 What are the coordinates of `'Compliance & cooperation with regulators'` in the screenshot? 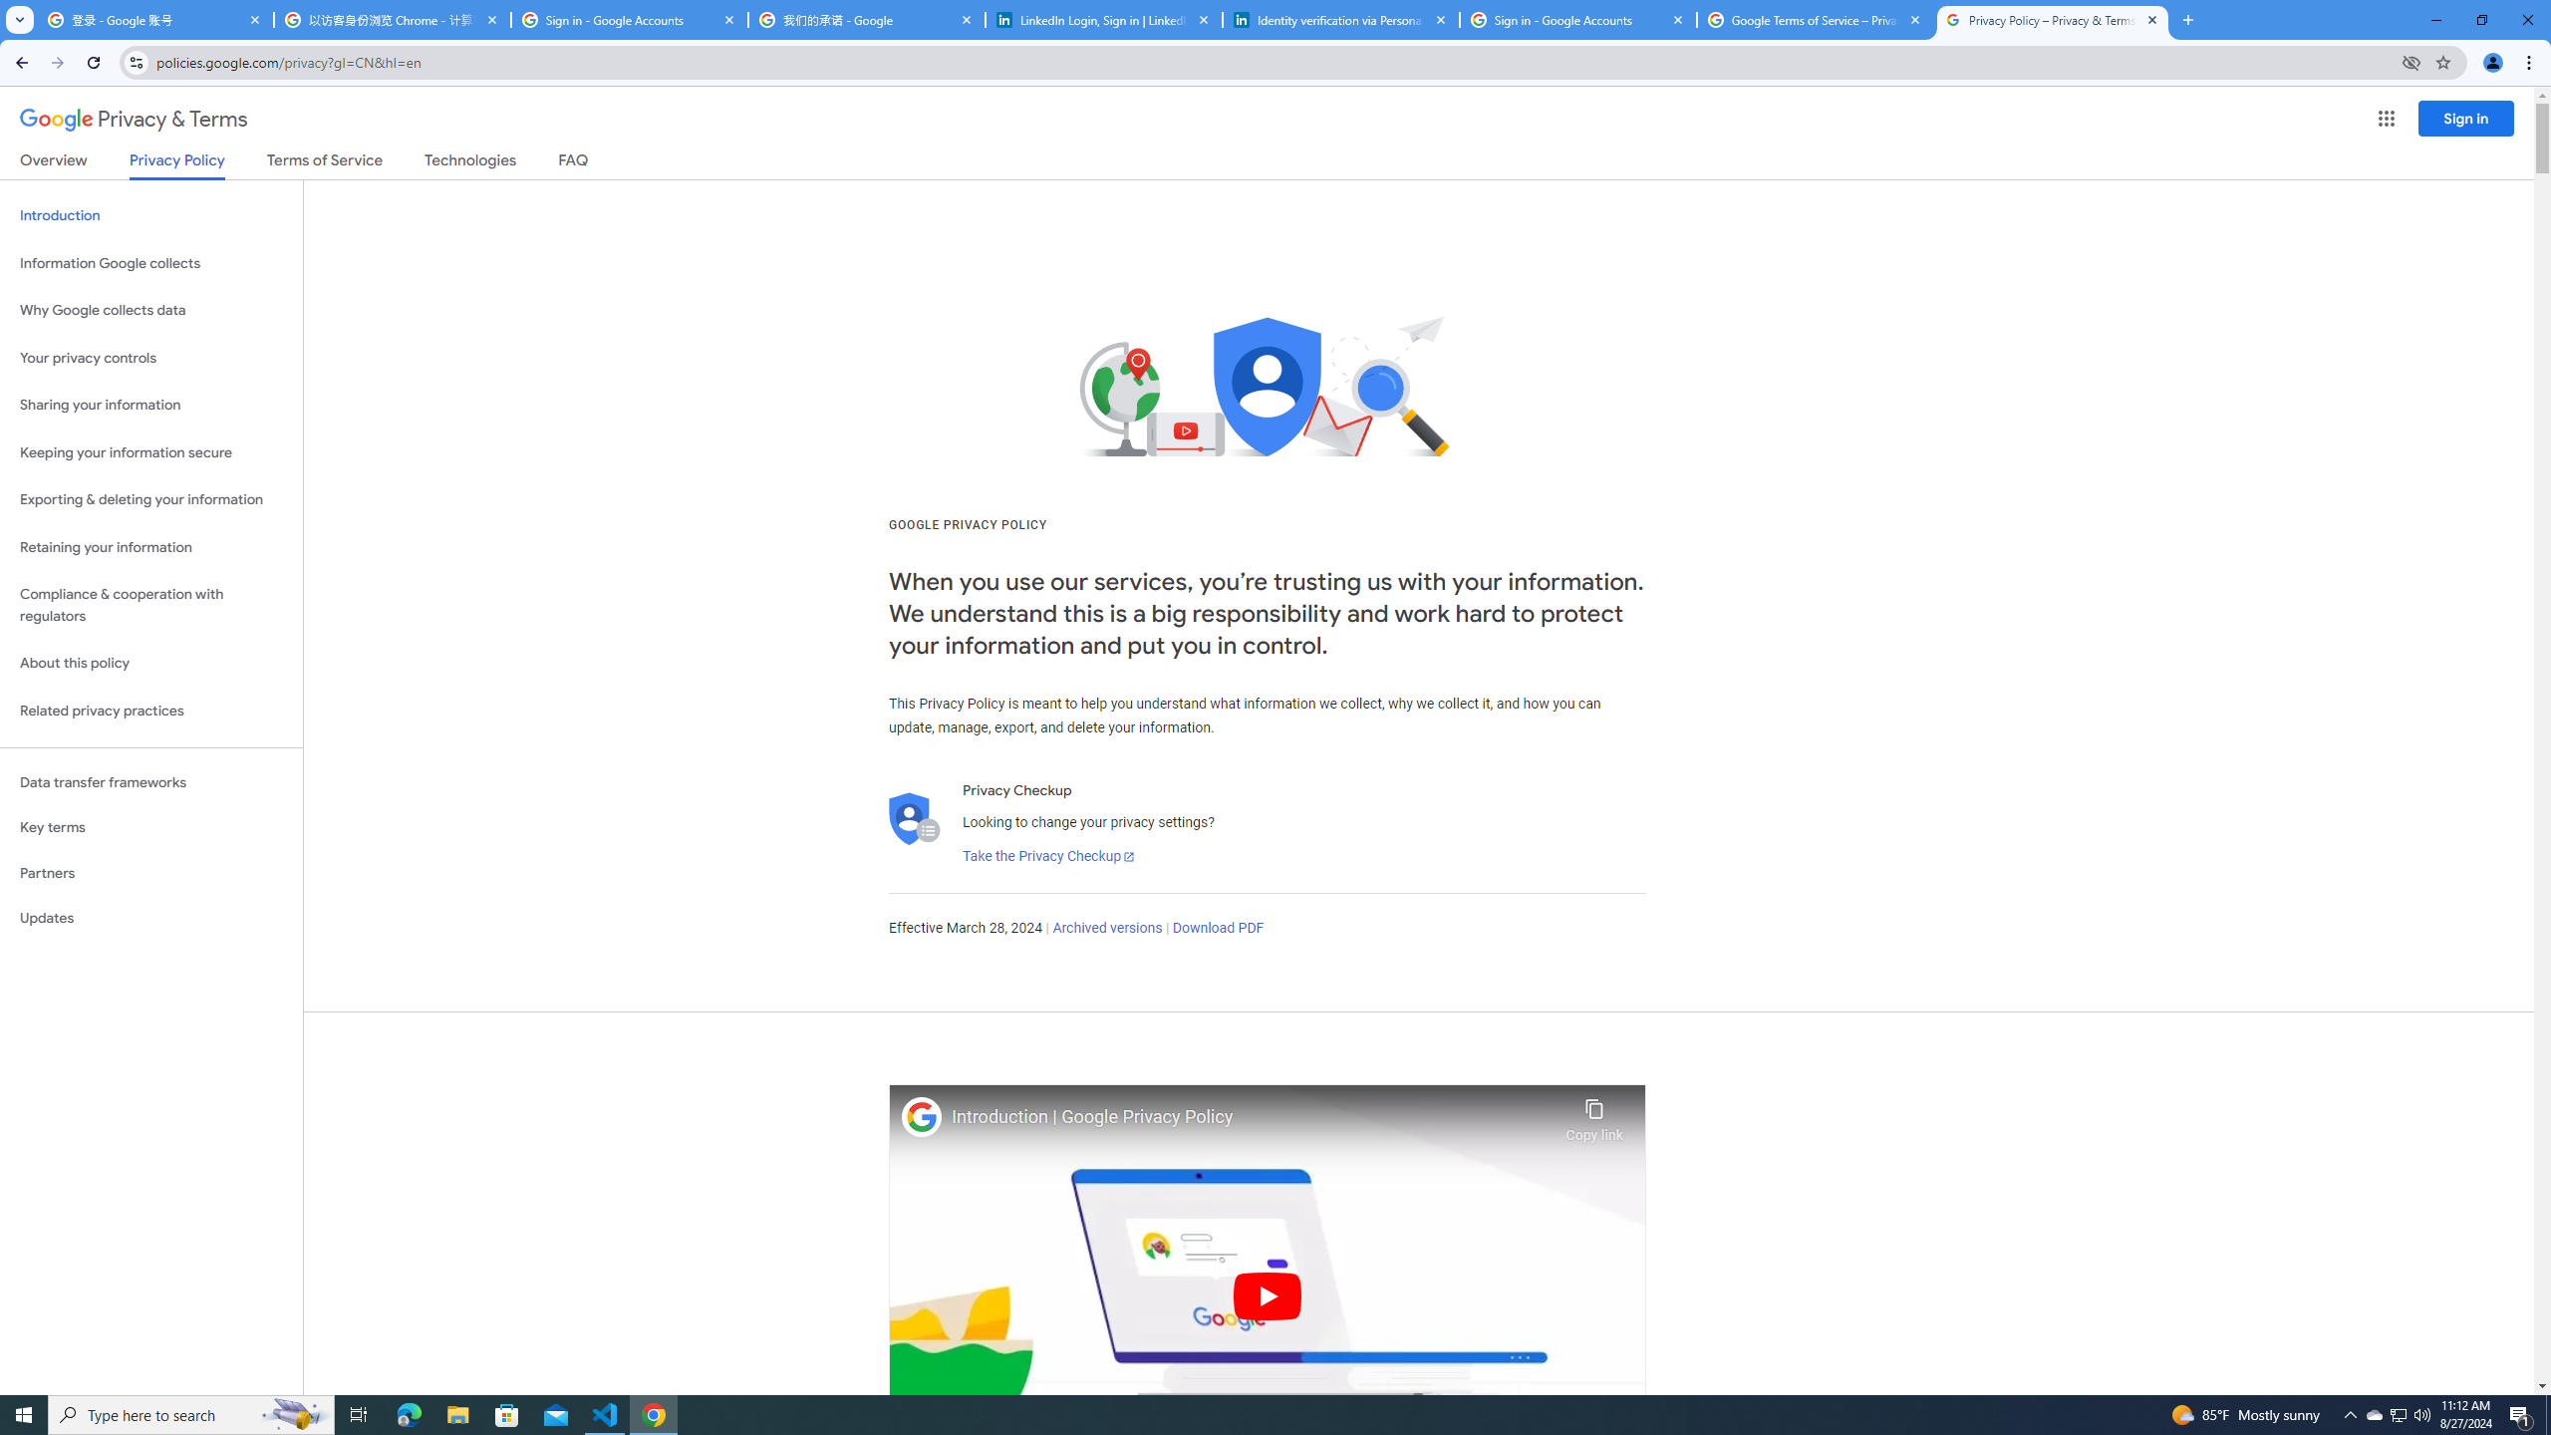 It's located at (150, 606).